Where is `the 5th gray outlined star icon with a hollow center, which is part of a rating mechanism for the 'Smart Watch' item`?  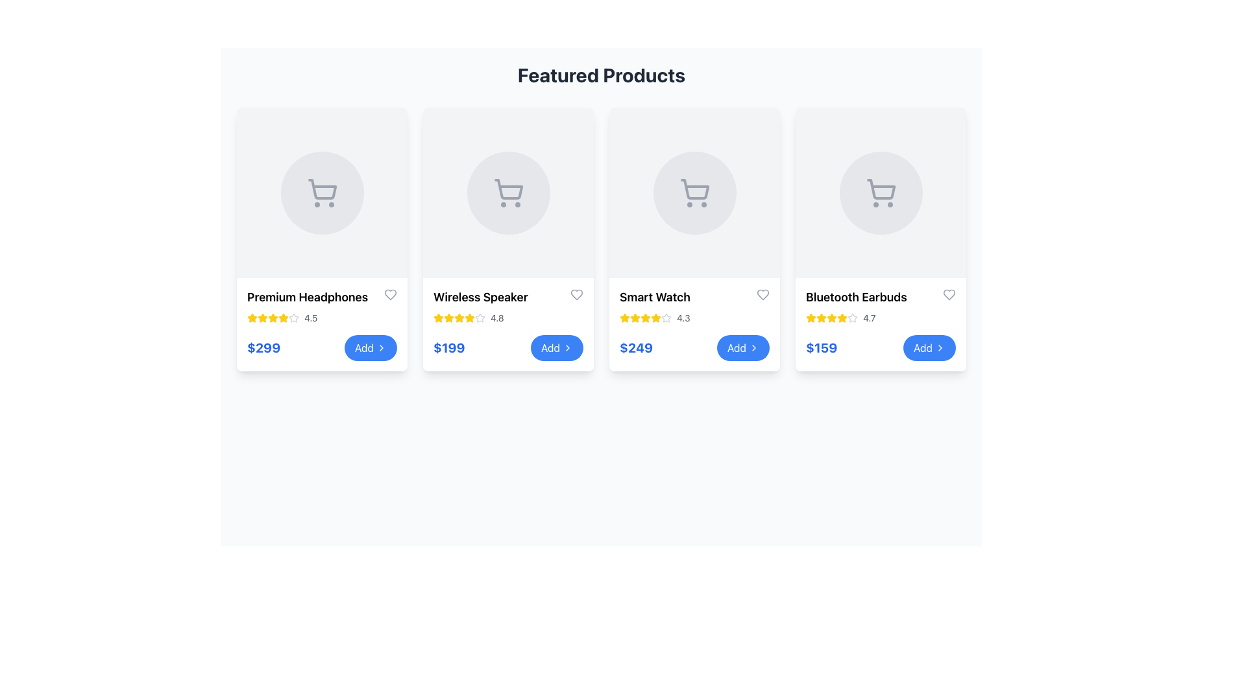
the 5th gray outlined star icon with a hollow center, which is part of a rating mechanism for the 'Smart Watch' item is located at coordinates (666, 318).